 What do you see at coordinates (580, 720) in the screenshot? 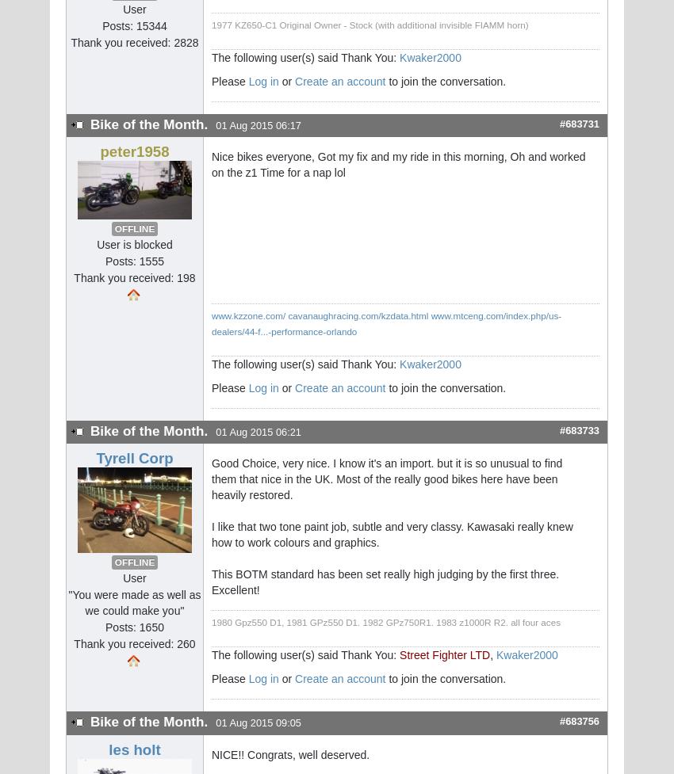
I see `'#683756'` at bounding box center [580, 720].